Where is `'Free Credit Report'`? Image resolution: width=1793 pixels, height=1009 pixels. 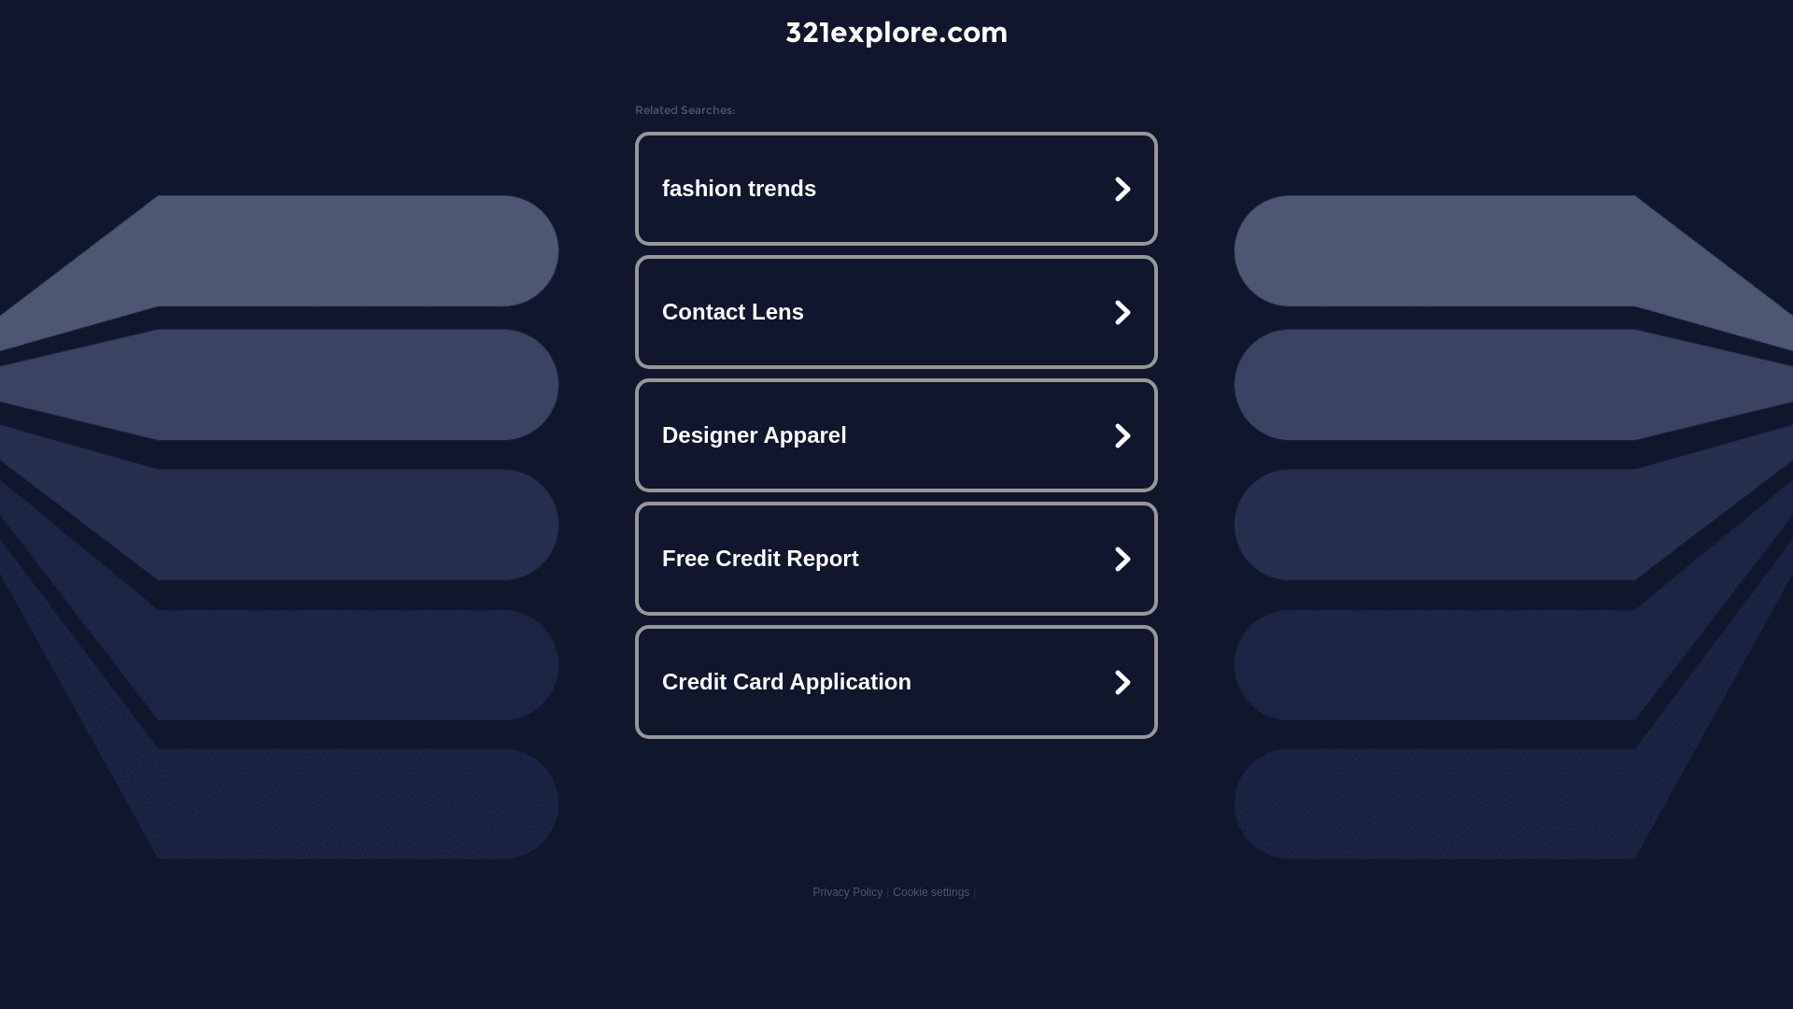 'Free Credit Report' is located at coordinates (896, 557).